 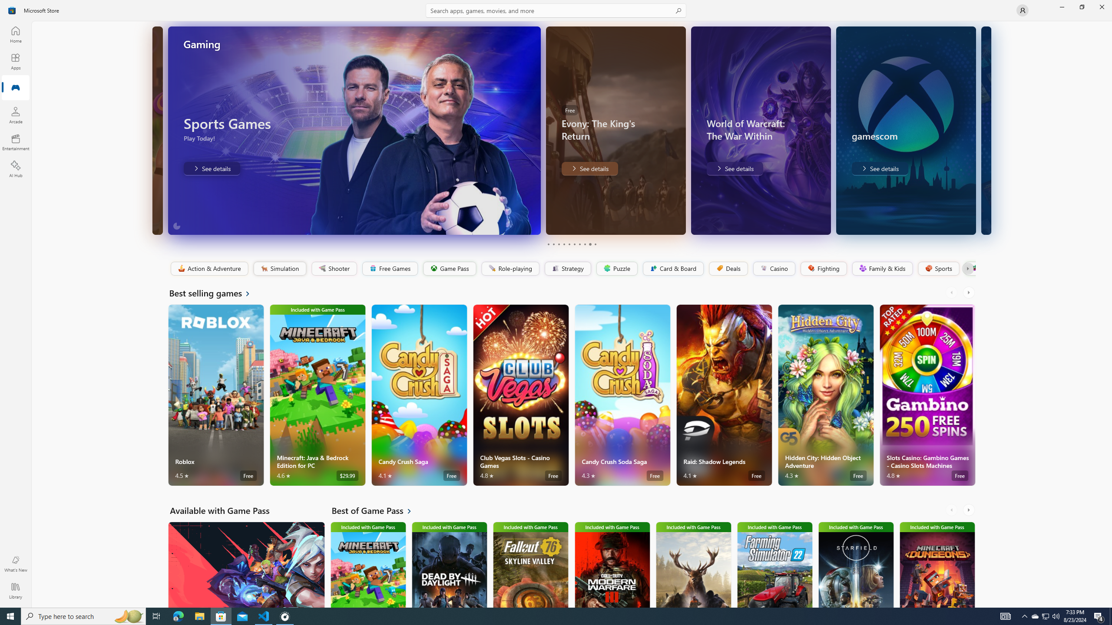 What do you see at coordinates (377, 510) in the screenshot?
I see `'See all  Best of Game Pass'` at bounding box center [377, 510].